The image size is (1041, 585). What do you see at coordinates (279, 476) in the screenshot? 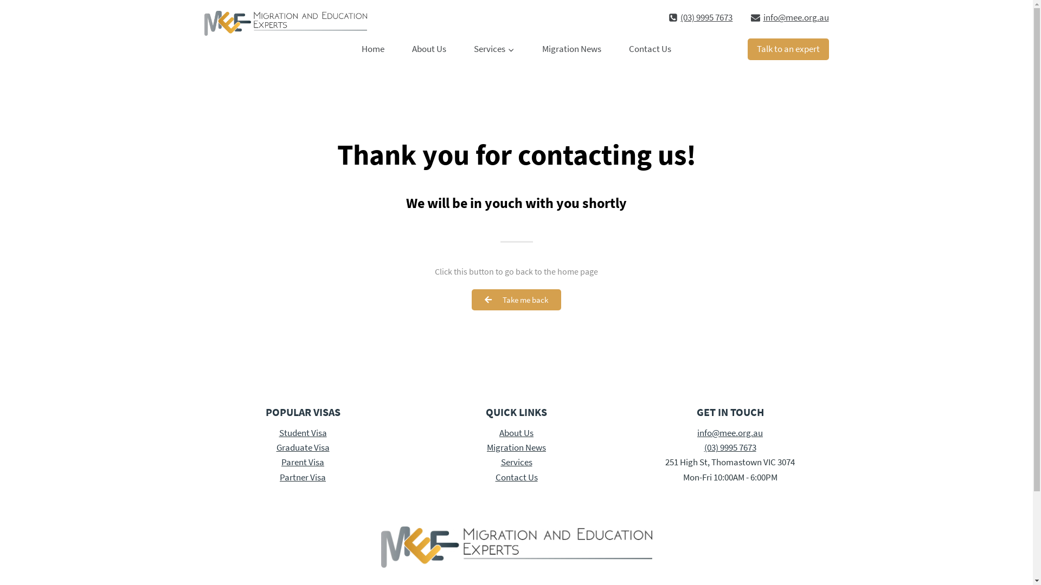
I see `'Partner Visa'` at bounding box center [279, 476].